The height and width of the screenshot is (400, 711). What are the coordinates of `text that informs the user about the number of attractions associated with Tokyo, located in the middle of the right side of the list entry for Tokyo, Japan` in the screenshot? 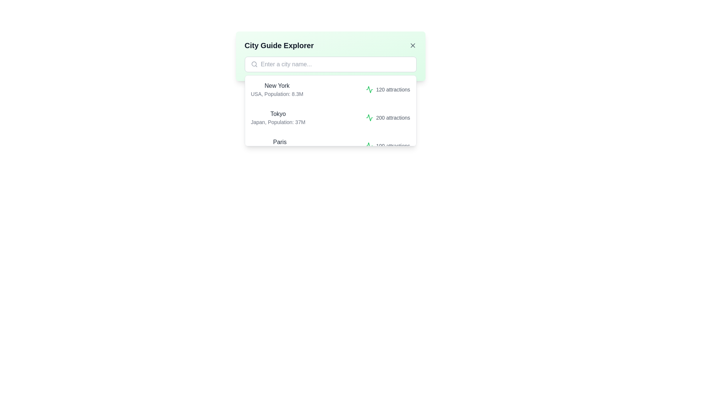 It's located at (393, 117).